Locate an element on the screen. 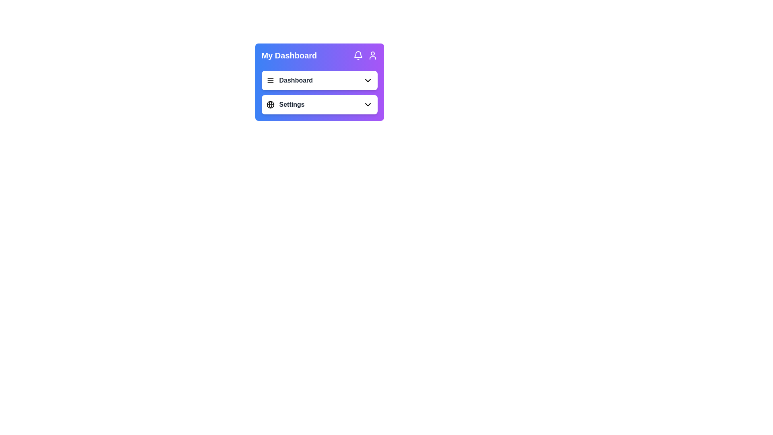  the 'Dashboard' dropdown menu item, which features a three-line icon and is the first item is located at coordinates (289, 81).